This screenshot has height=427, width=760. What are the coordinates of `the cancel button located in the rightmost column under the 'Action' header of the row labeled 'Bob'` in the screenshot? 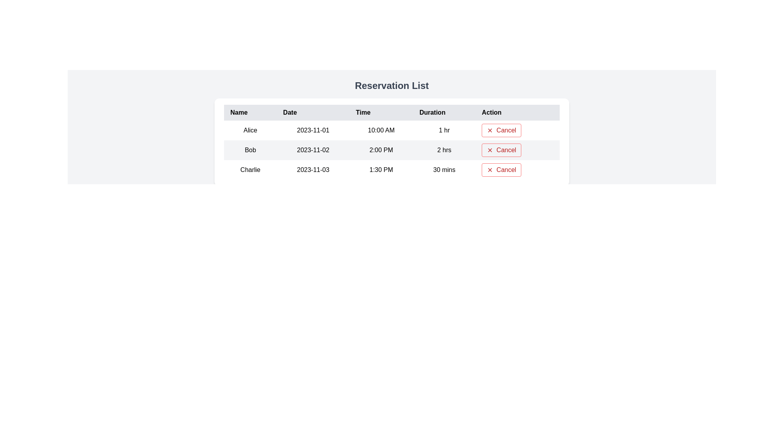 It's located at (517, 150).